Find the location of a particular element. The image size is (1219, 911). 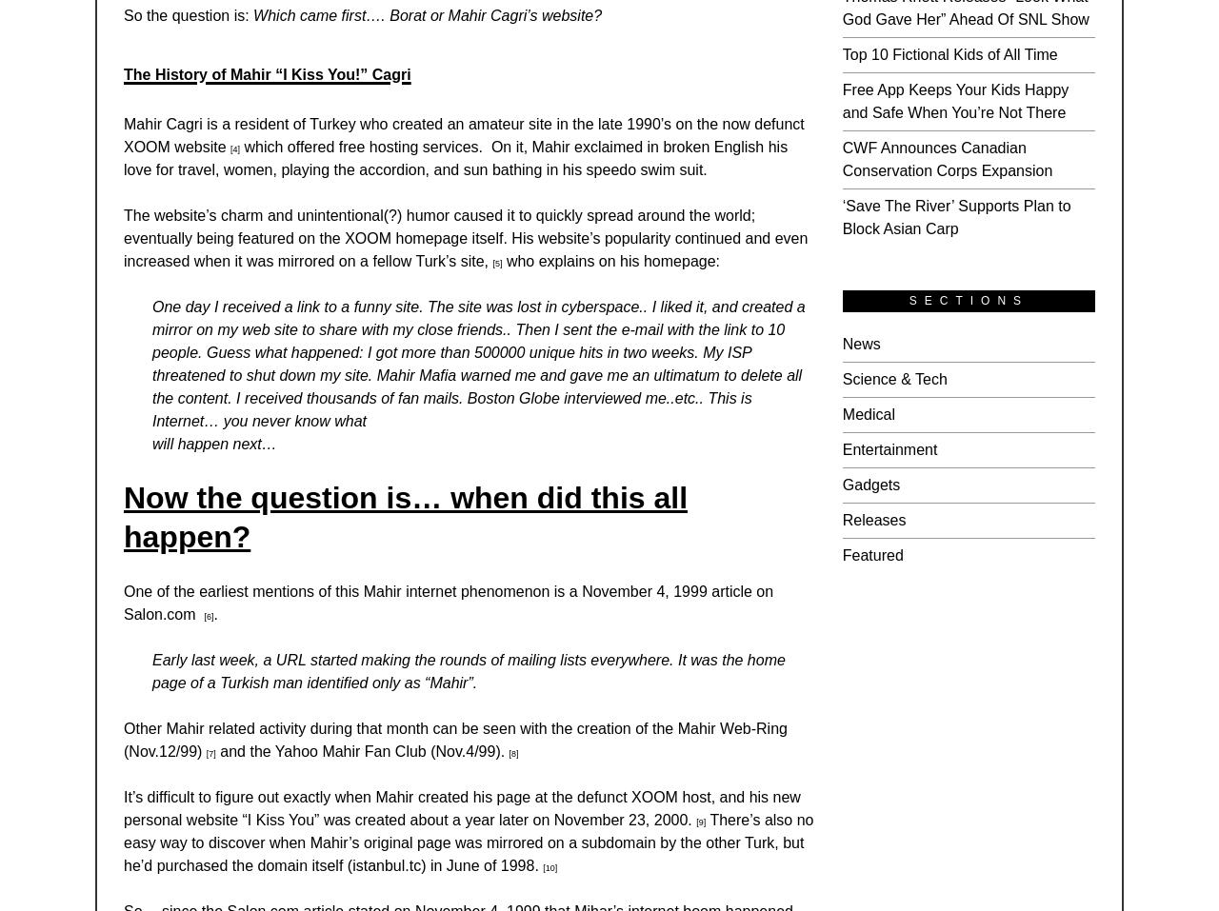

'Top 10 Fictional Kids of All Time' is located at coordinates (949, 52).